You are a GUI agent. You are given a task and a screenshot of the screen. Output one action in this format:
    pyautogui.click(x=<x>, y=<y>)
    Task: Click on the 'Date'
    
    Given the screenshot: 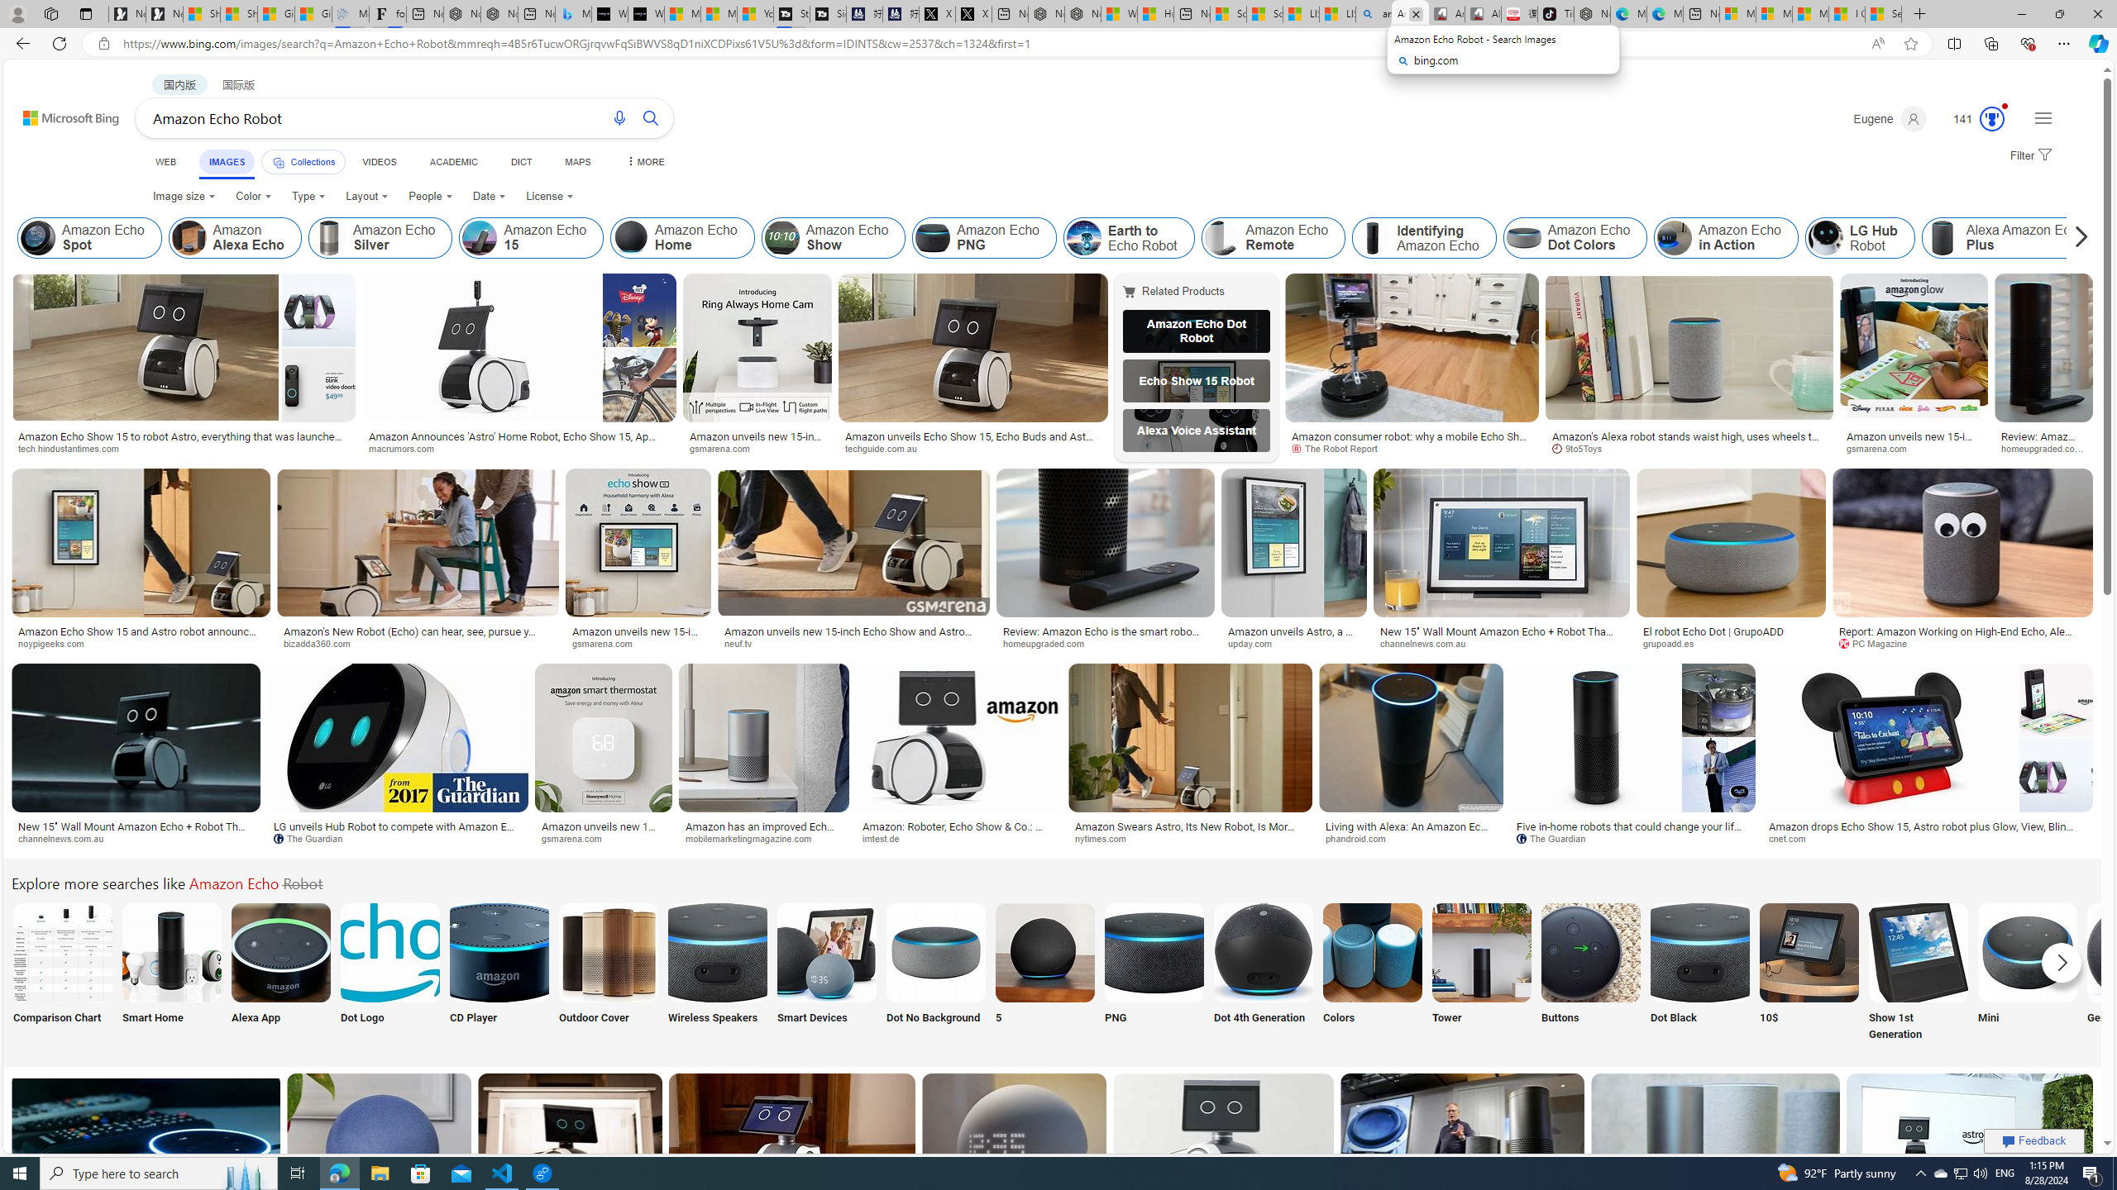 What is the action you would take?
    pyautogui.click(x=489, y=196)
    